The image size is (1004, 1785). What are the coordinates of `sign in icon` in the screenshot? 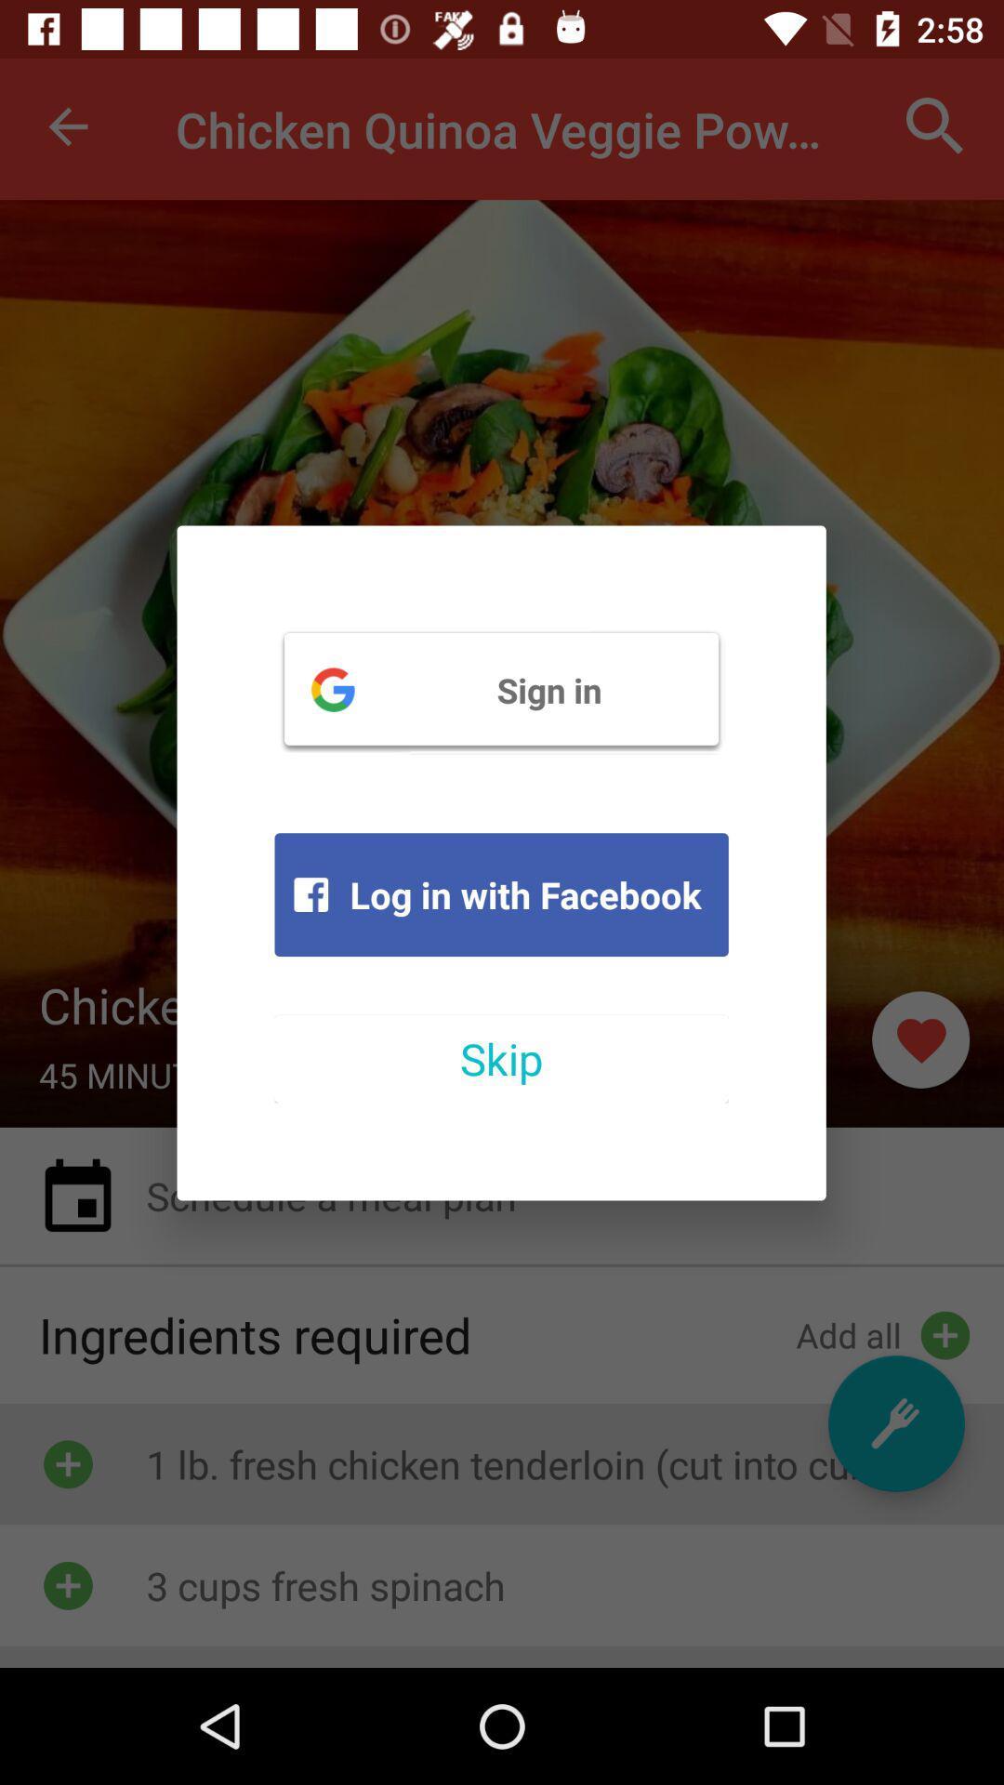 It's located at (500, 688).